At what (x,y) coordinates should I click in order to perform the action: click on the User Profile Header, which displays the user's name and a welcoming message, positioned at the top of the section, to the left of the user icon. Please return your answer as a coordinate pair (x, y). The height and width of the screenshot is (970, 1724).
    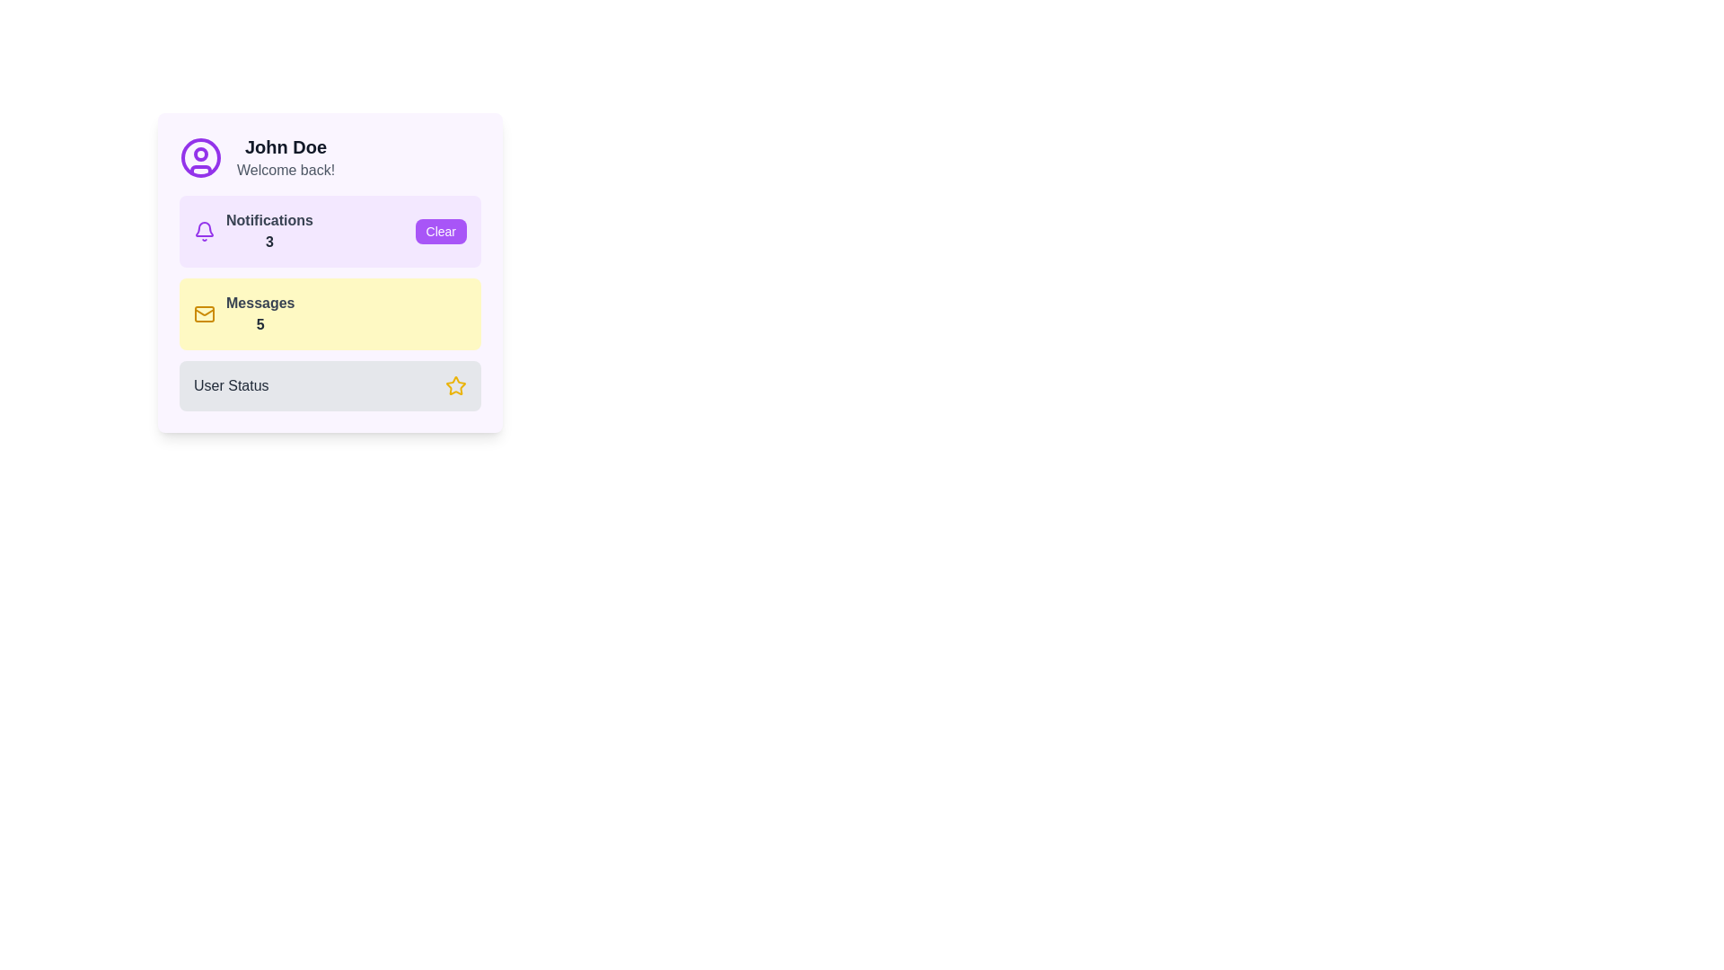
    Looking at the image, I should click on (330, 157).